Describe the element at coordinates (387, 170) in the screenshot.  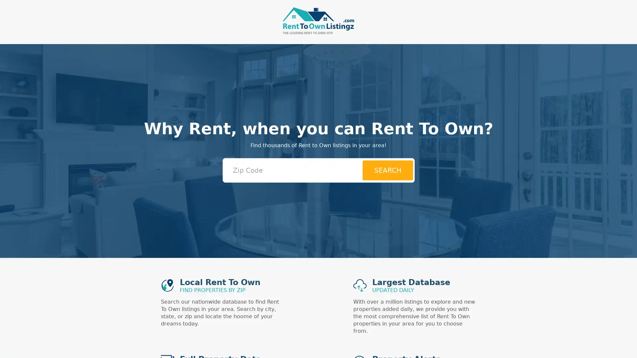
I see `SEARCH` at that location.